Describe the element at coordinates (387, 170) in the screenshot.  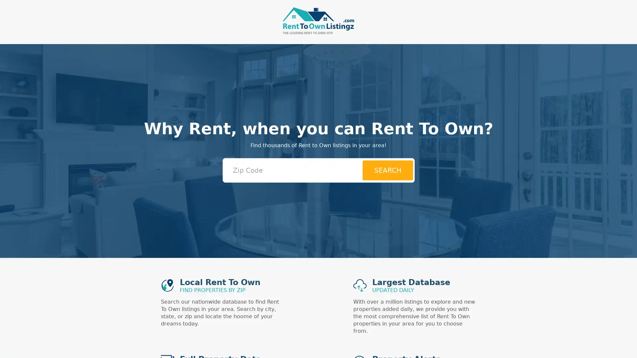
I see `SEARCH` at that location.